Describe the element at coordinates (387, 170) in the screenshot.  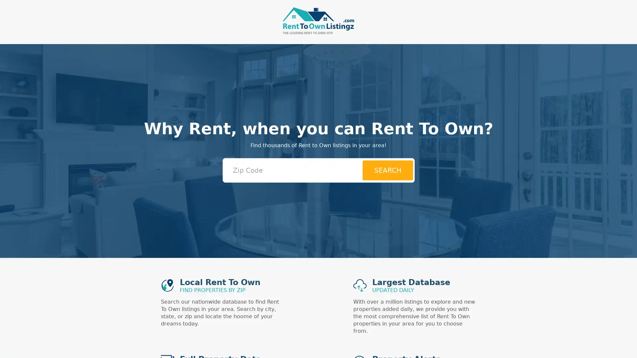
I see `SEARCH` at that location.